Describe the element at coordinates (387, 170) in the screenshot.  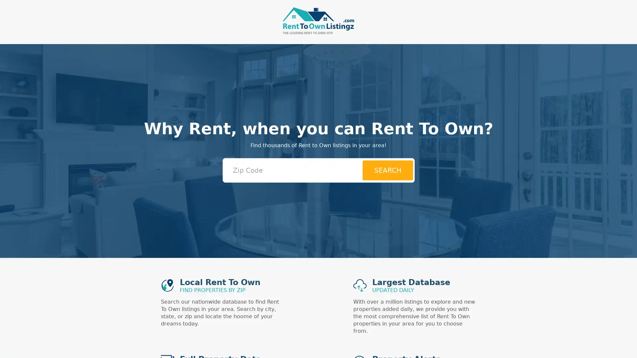
I see `SEARCH` at that location.